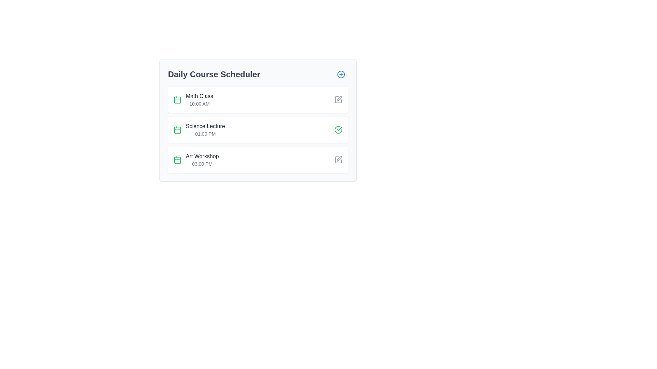  What do you see at coordinates (177, 160) in the screenshot?
I see `the calendar icon with a green outline located in the first position under the 'Art Workshop 03:00 PM' entry in the Daily Course Scheduler` at bounding box center [177, 160].